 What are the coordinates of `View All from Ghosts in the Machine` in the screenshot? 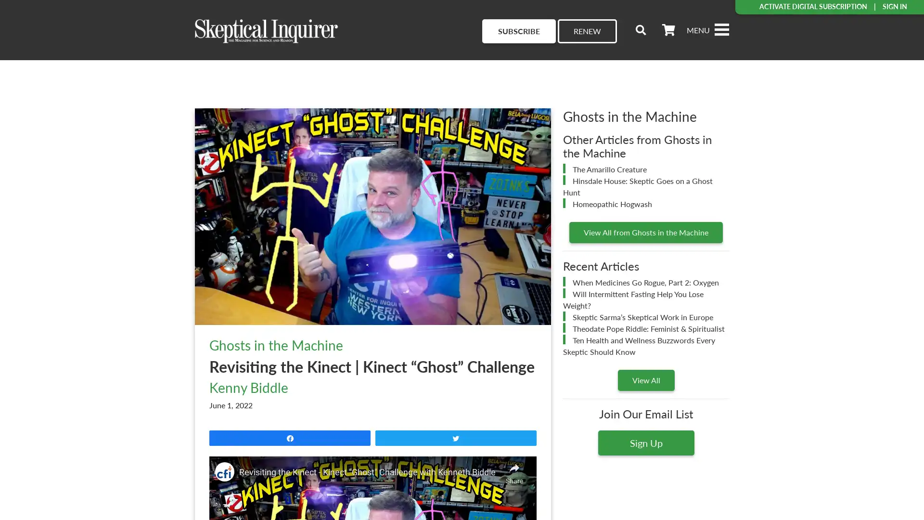 It's located at (646, 232).